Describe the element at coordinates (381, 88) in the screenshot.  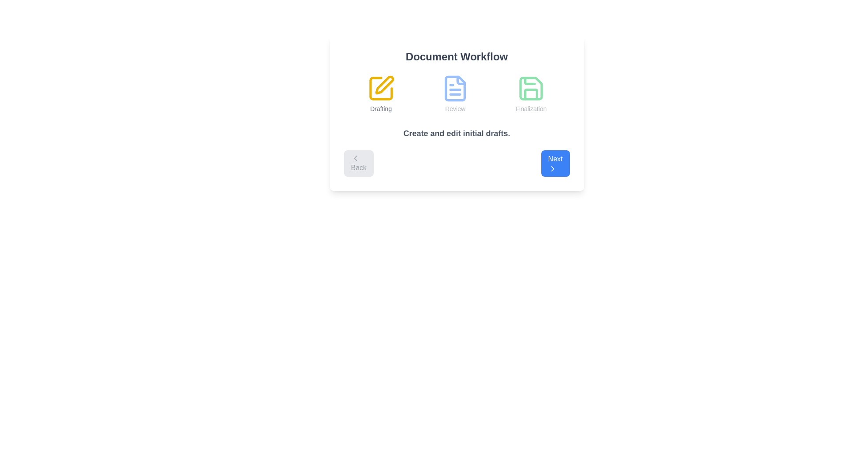
I see `the square button with a yellow outline representing a pen icon` at that location.